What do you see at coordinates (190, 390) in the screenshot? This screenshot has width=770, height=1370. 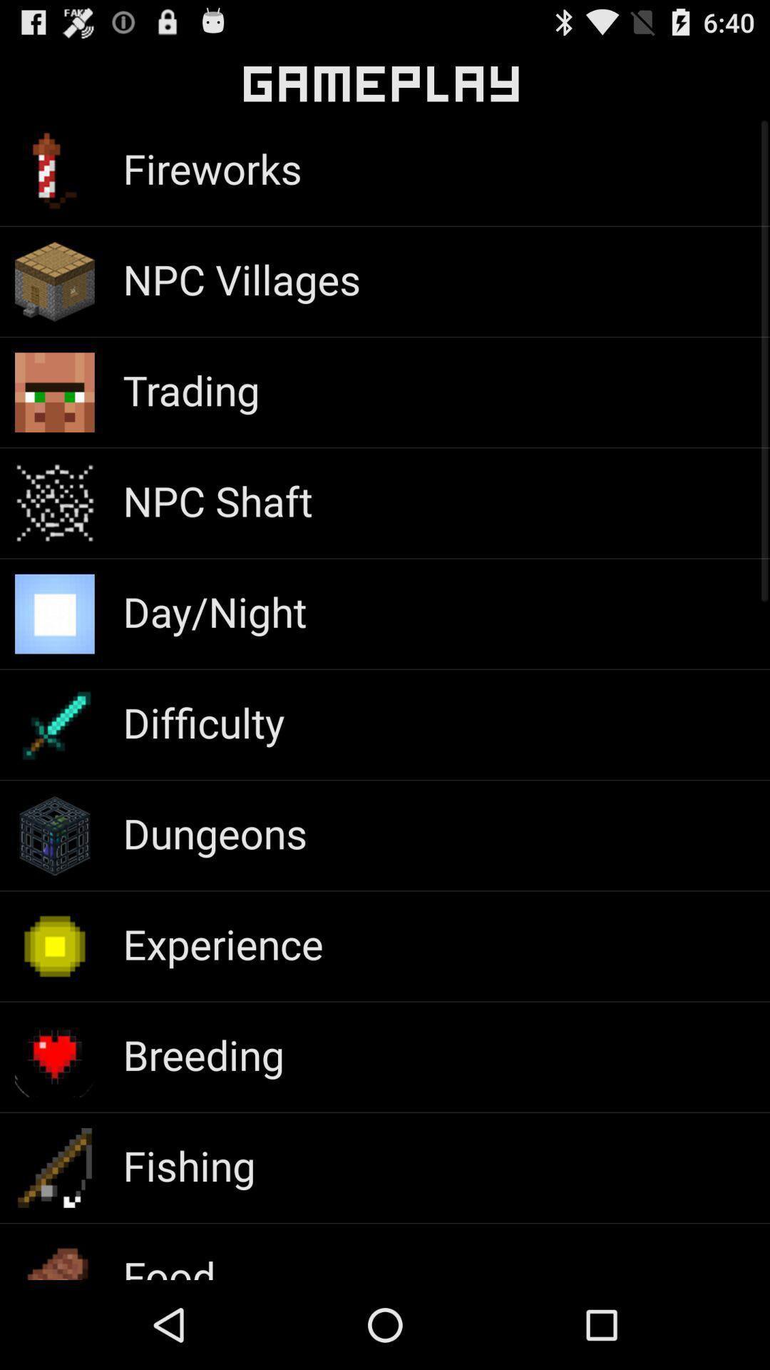 I see `trading app` at bounding box center [190, 390].